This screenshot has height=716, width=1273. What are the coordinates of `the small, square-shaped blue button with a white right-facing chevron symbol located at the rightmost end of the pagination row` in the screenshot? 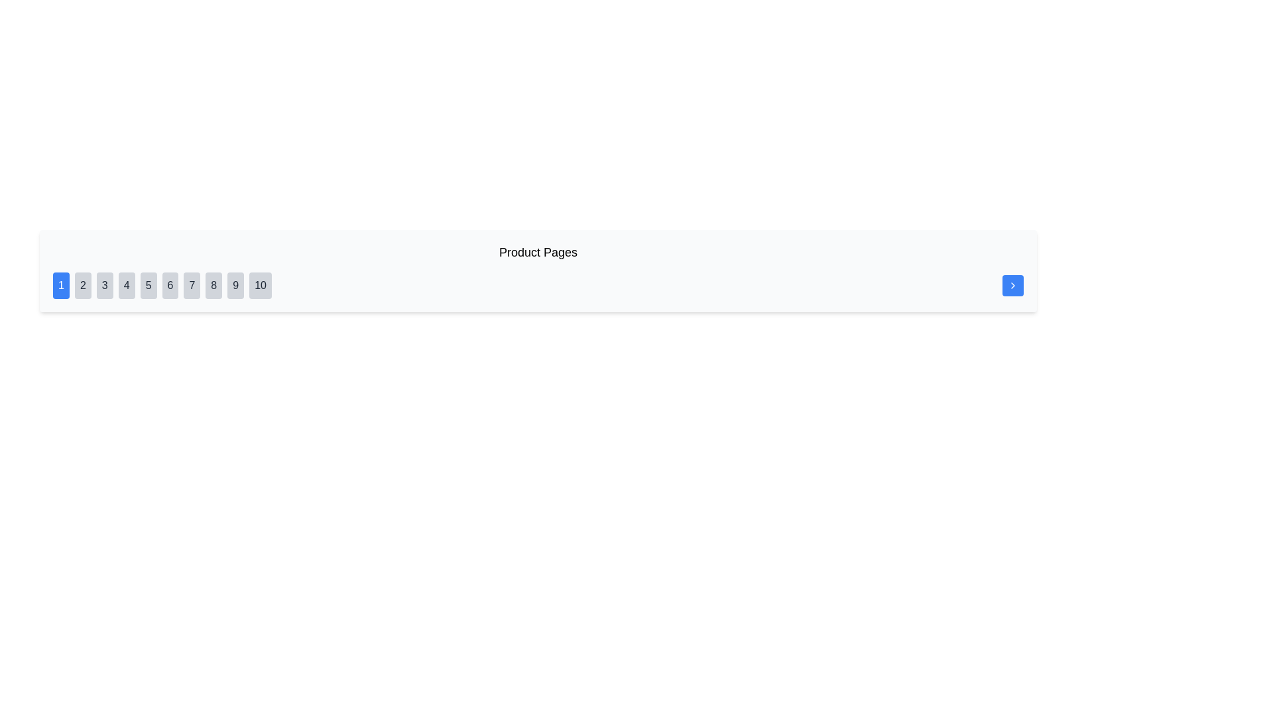 It's located at (1012, 285).